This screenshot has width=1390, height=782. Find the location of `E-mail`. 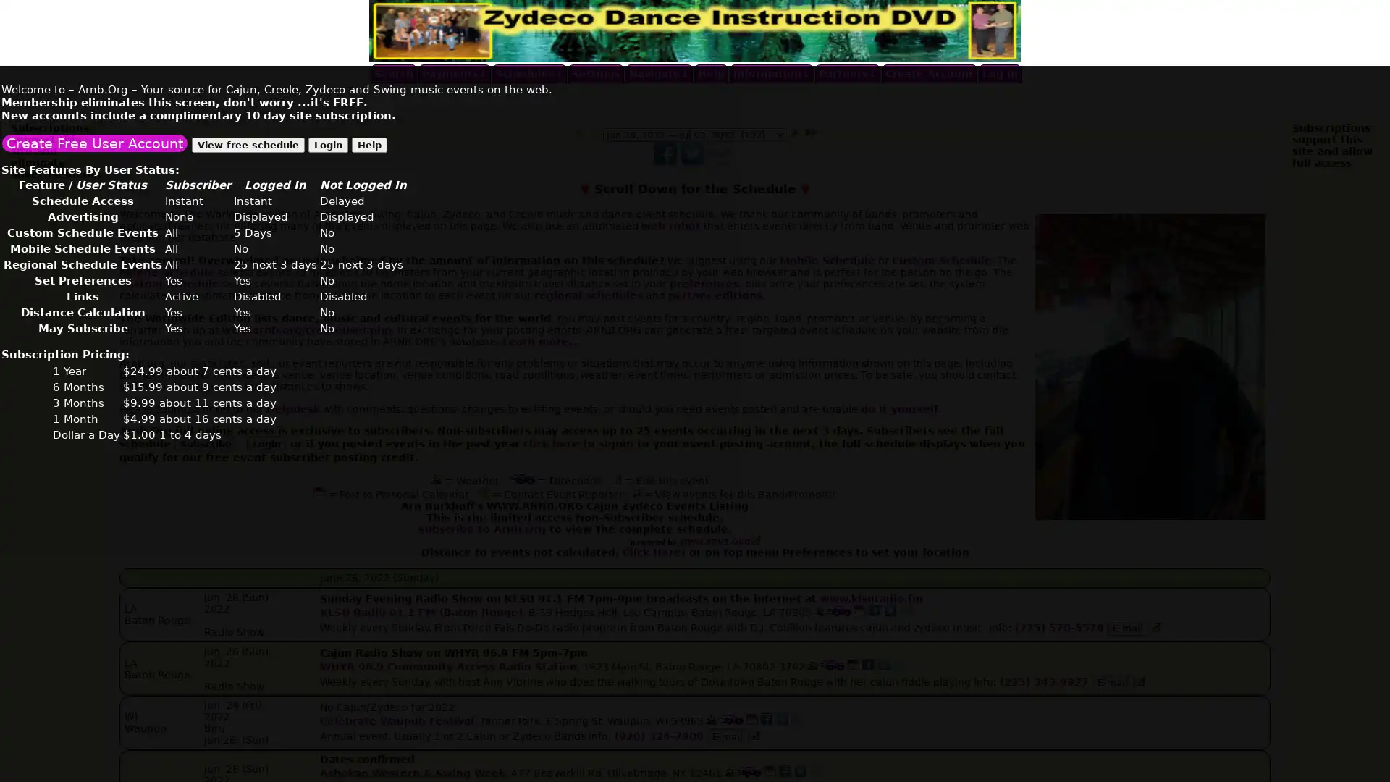

E-mail is located at coordinates (727, 736).